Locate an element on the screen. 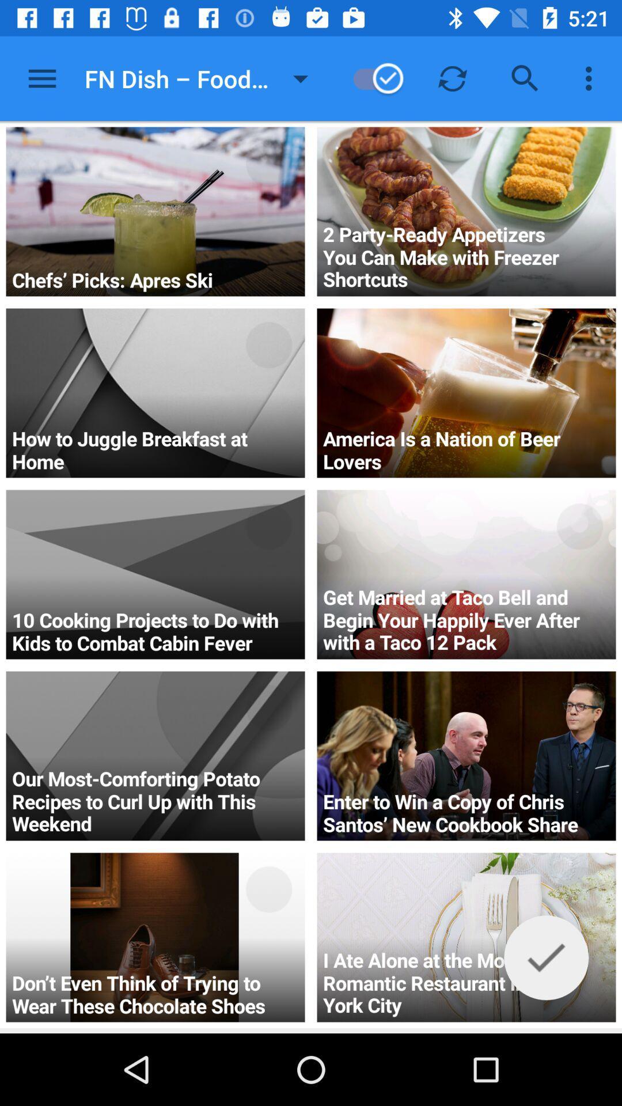 This screenshot has width=622, height=1106. the second image in the second row is located at coordinates (466, 393).